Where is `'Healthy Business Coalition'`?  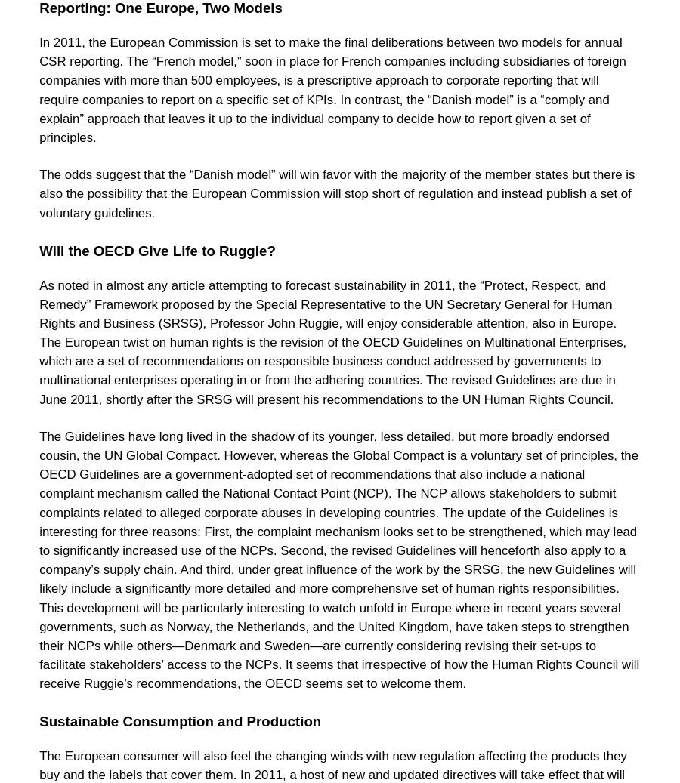 'Healthy Business Coalition' is located at coordinates (123, 4).